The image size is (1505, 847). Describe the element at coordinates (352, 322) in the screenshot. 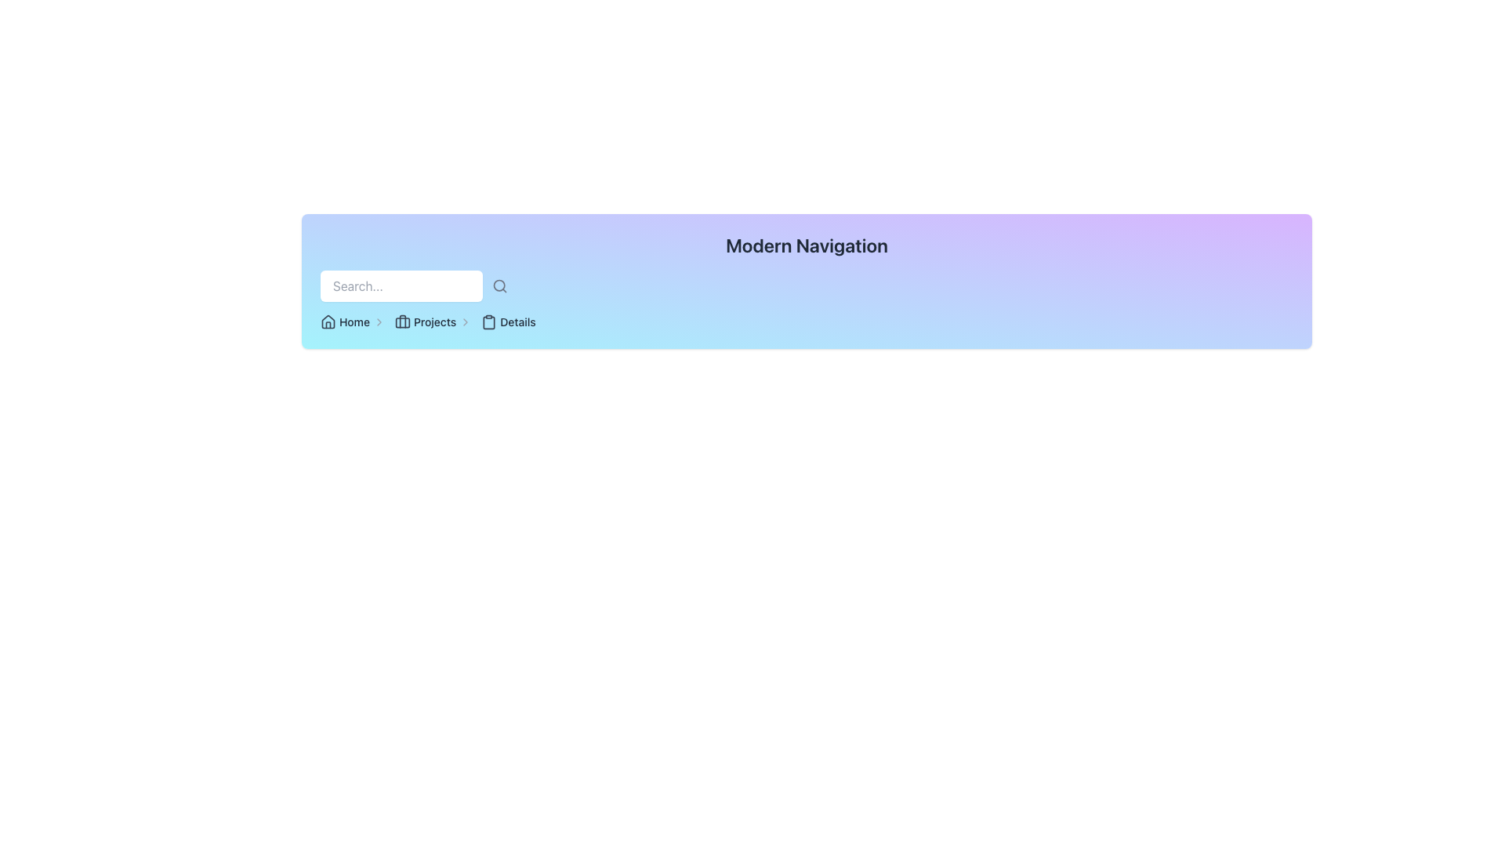

I see `the 'Home' breadcrumb link, which is the first item in the breadcrumb navigation bar styled with a house icon and bold dark gray text` at that location.